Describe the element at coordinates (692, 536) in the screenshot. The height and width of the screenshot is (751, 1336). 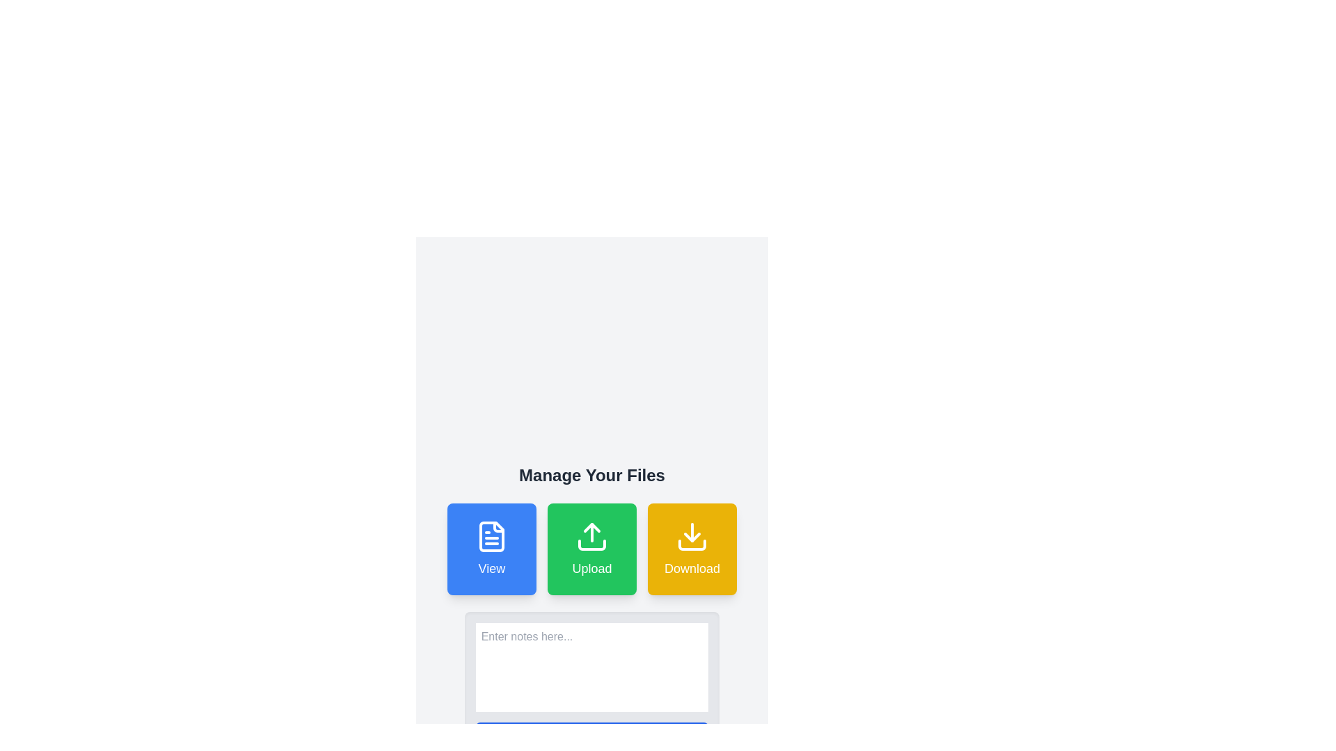
I see `the small, triangular-shaped download icon located in the center of the 'Download' button, which features a downward-pointing arrow and is part of a yellow square button` at that location.